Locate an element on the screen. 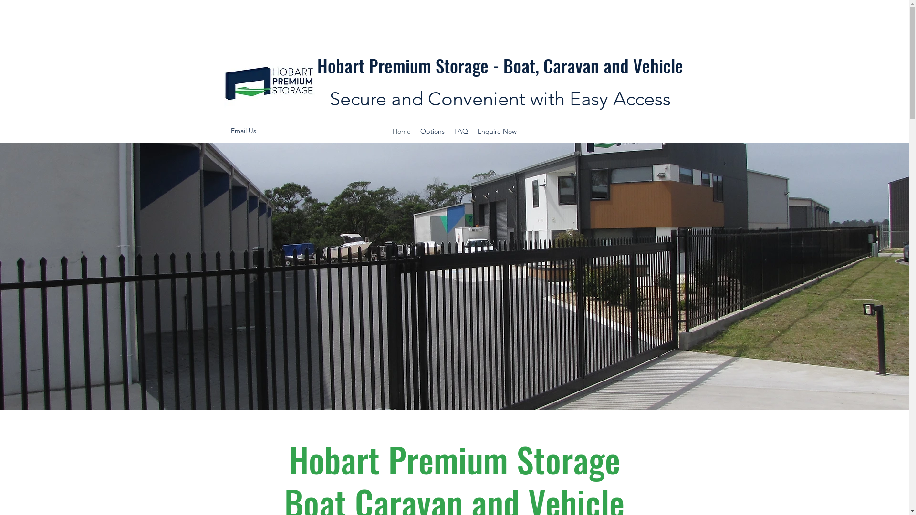 The height and width of the screenshot is (515, 916). 'Email Us' is located at coordinates (243, 130).